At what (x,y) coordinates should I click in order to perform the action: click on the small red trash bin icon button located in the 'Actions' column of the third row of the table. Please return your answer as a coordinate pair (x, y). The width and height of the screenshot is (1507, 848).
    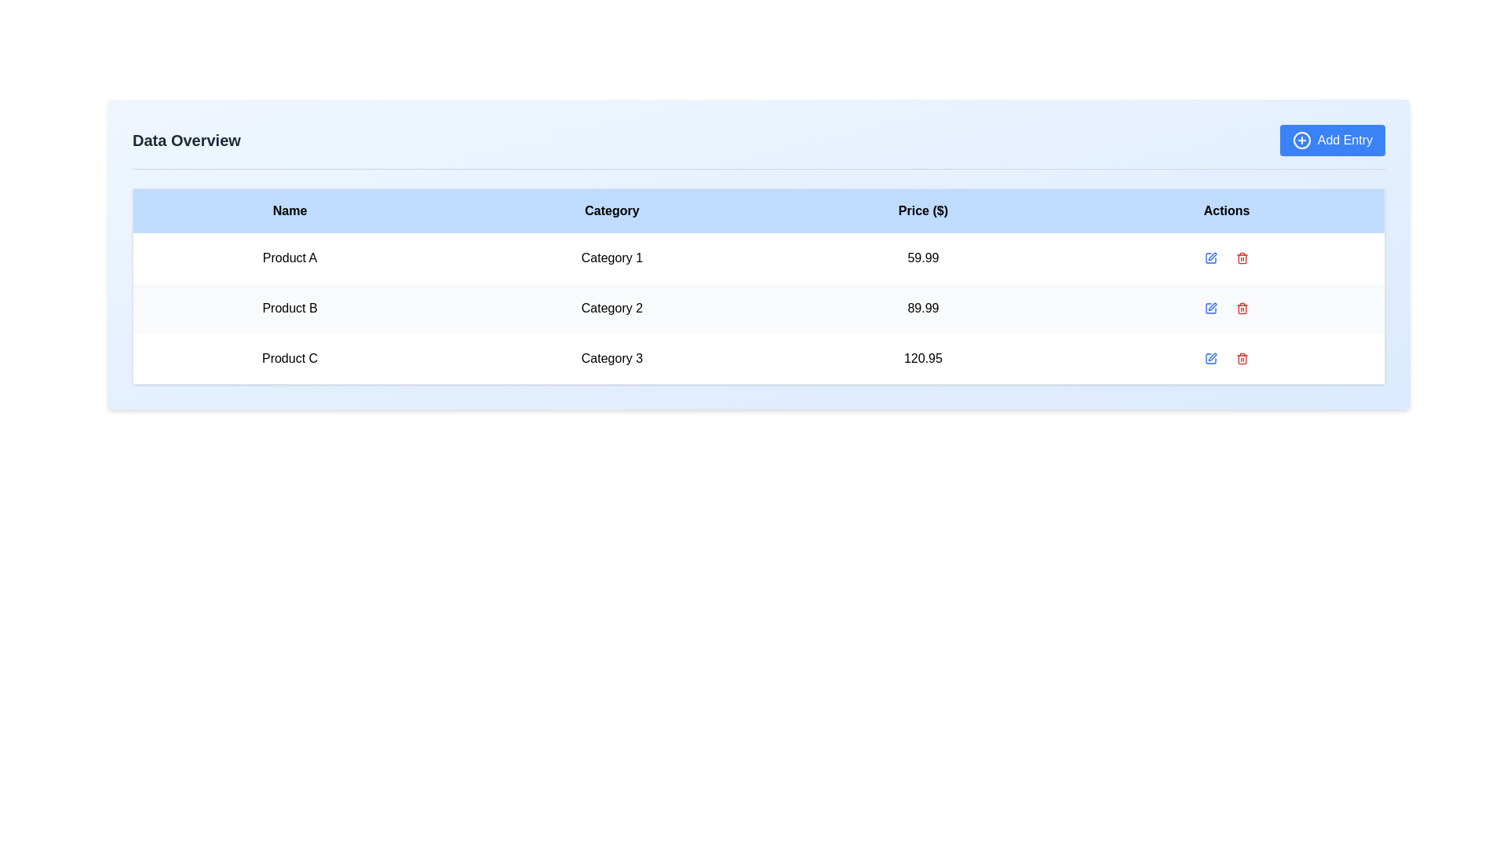
    Looking at the image, I should click on (1242, 358).